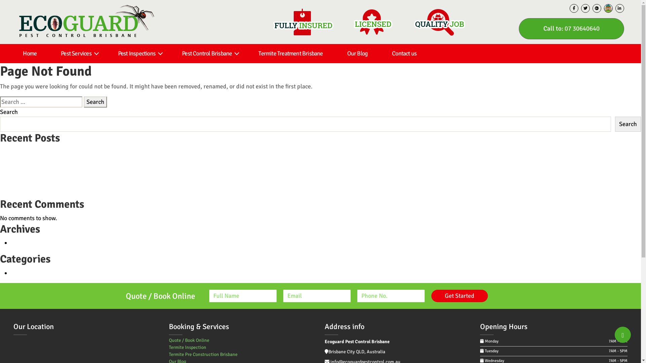 The image size is (646, 363). What do you see at coordinates (357, 53) in the screenshot?
I see `'Our Blog'` at bounding box center [357, 53].